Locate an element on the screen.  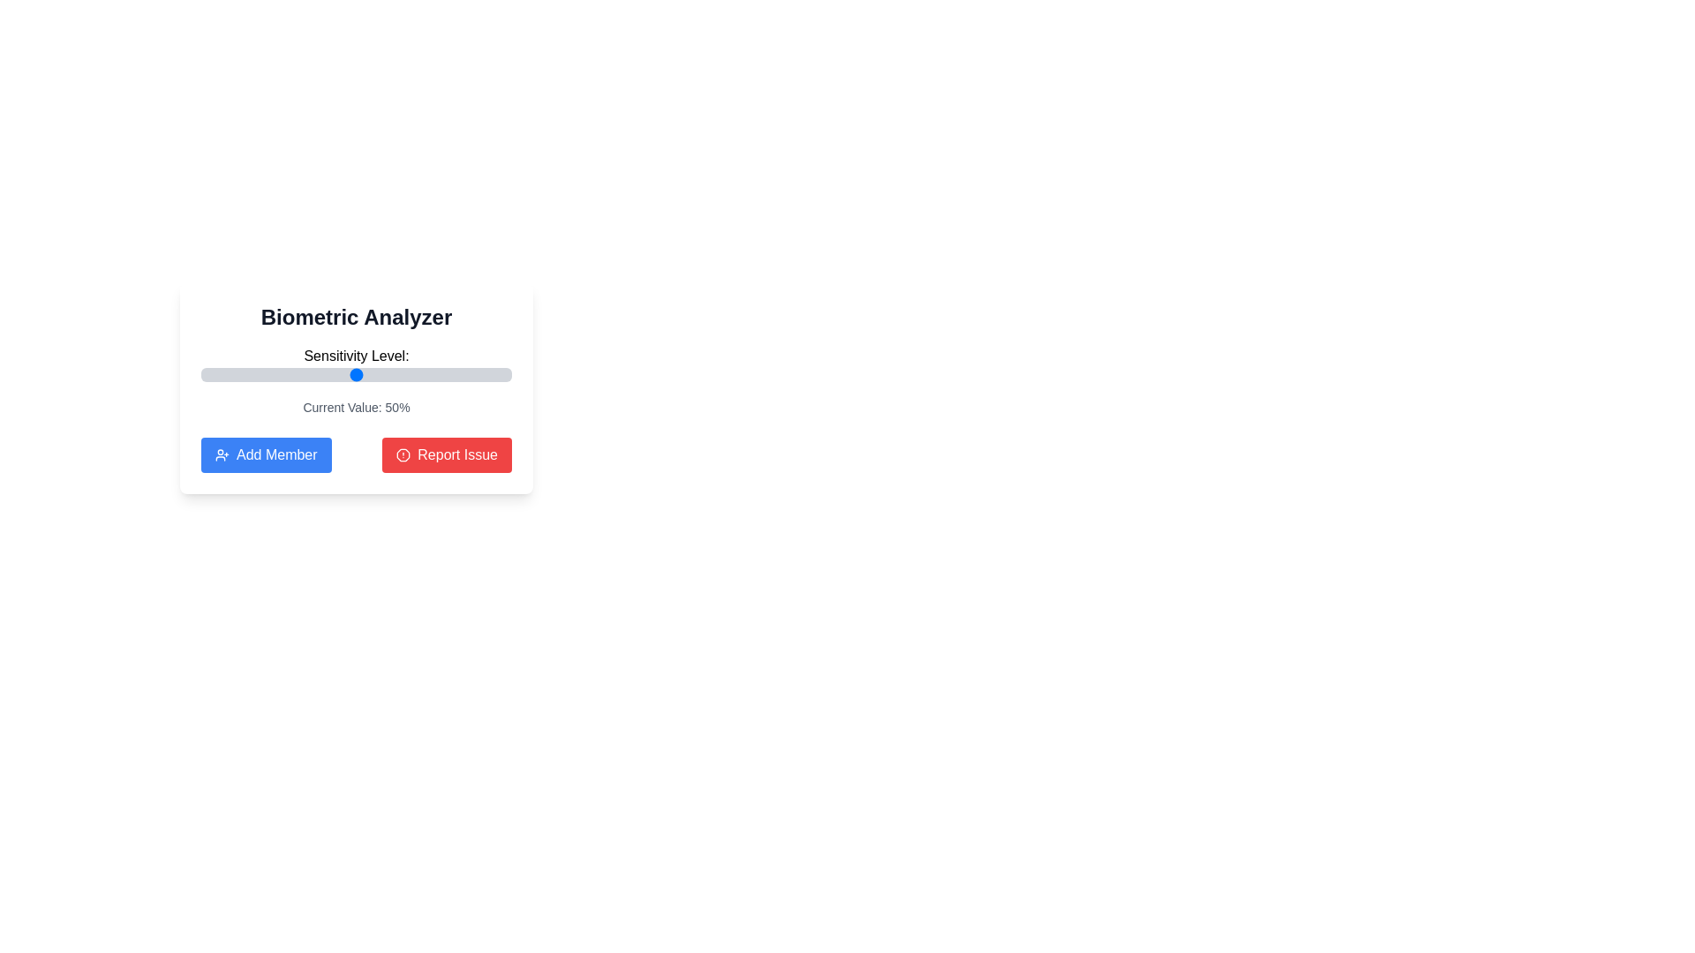
the sensitivity level is located at coordinates (389, 373).